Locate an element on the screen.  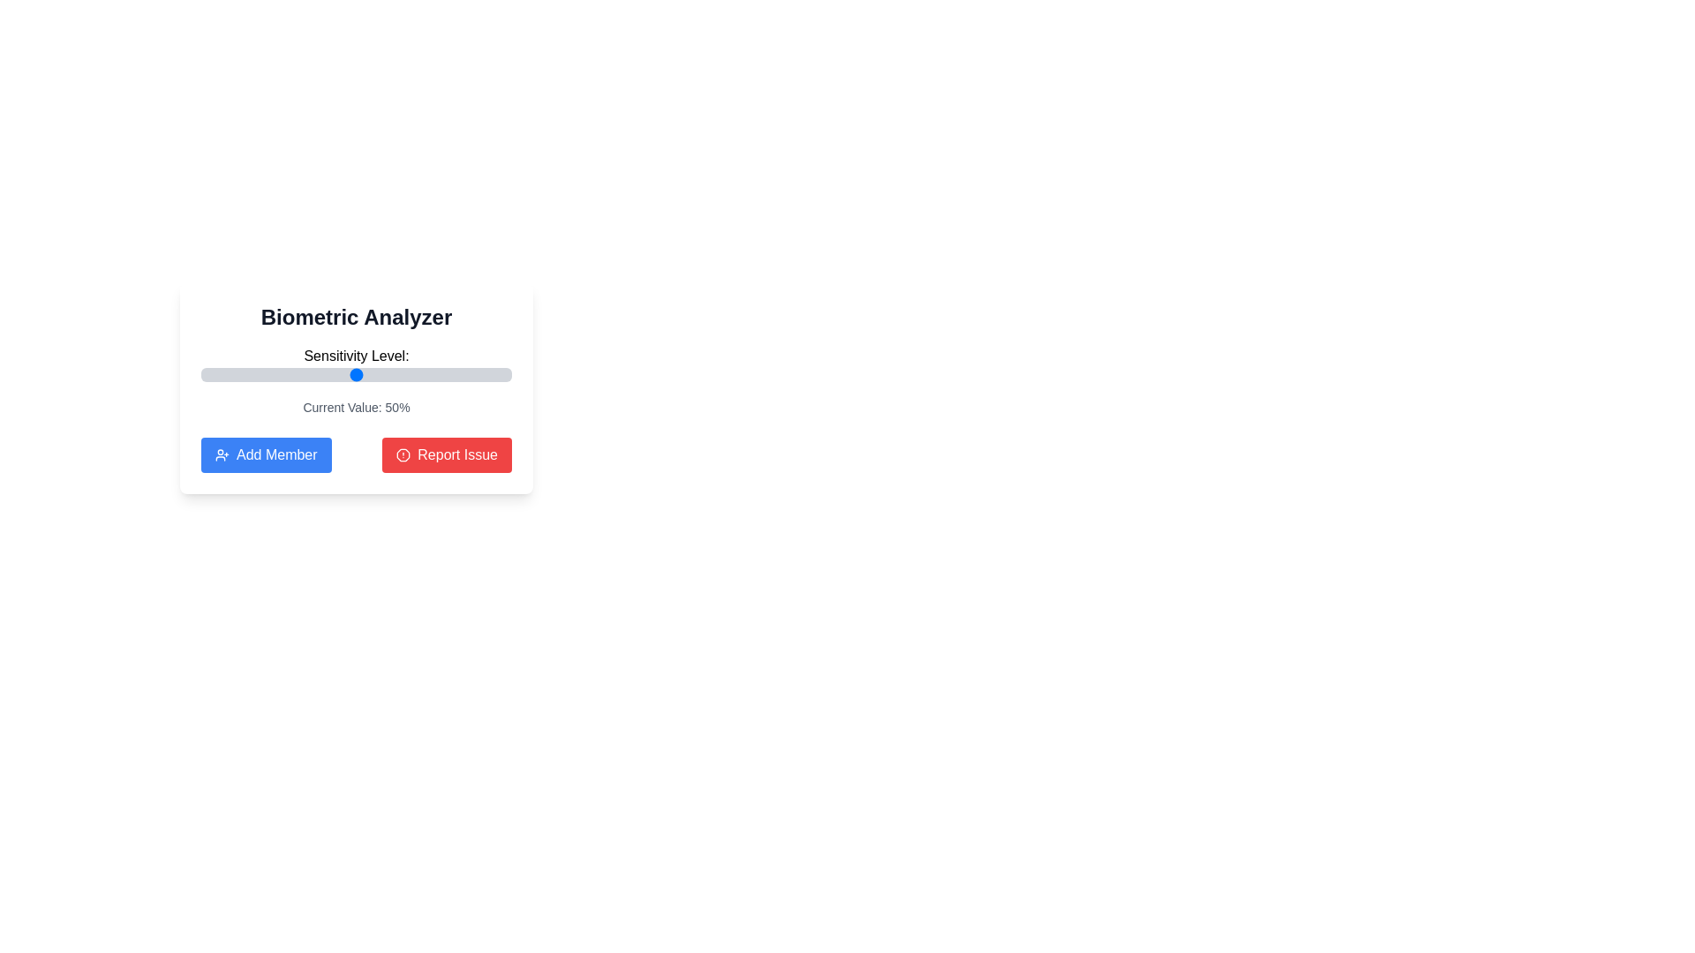
the sensitivity level is located at coordinates (389, 373).